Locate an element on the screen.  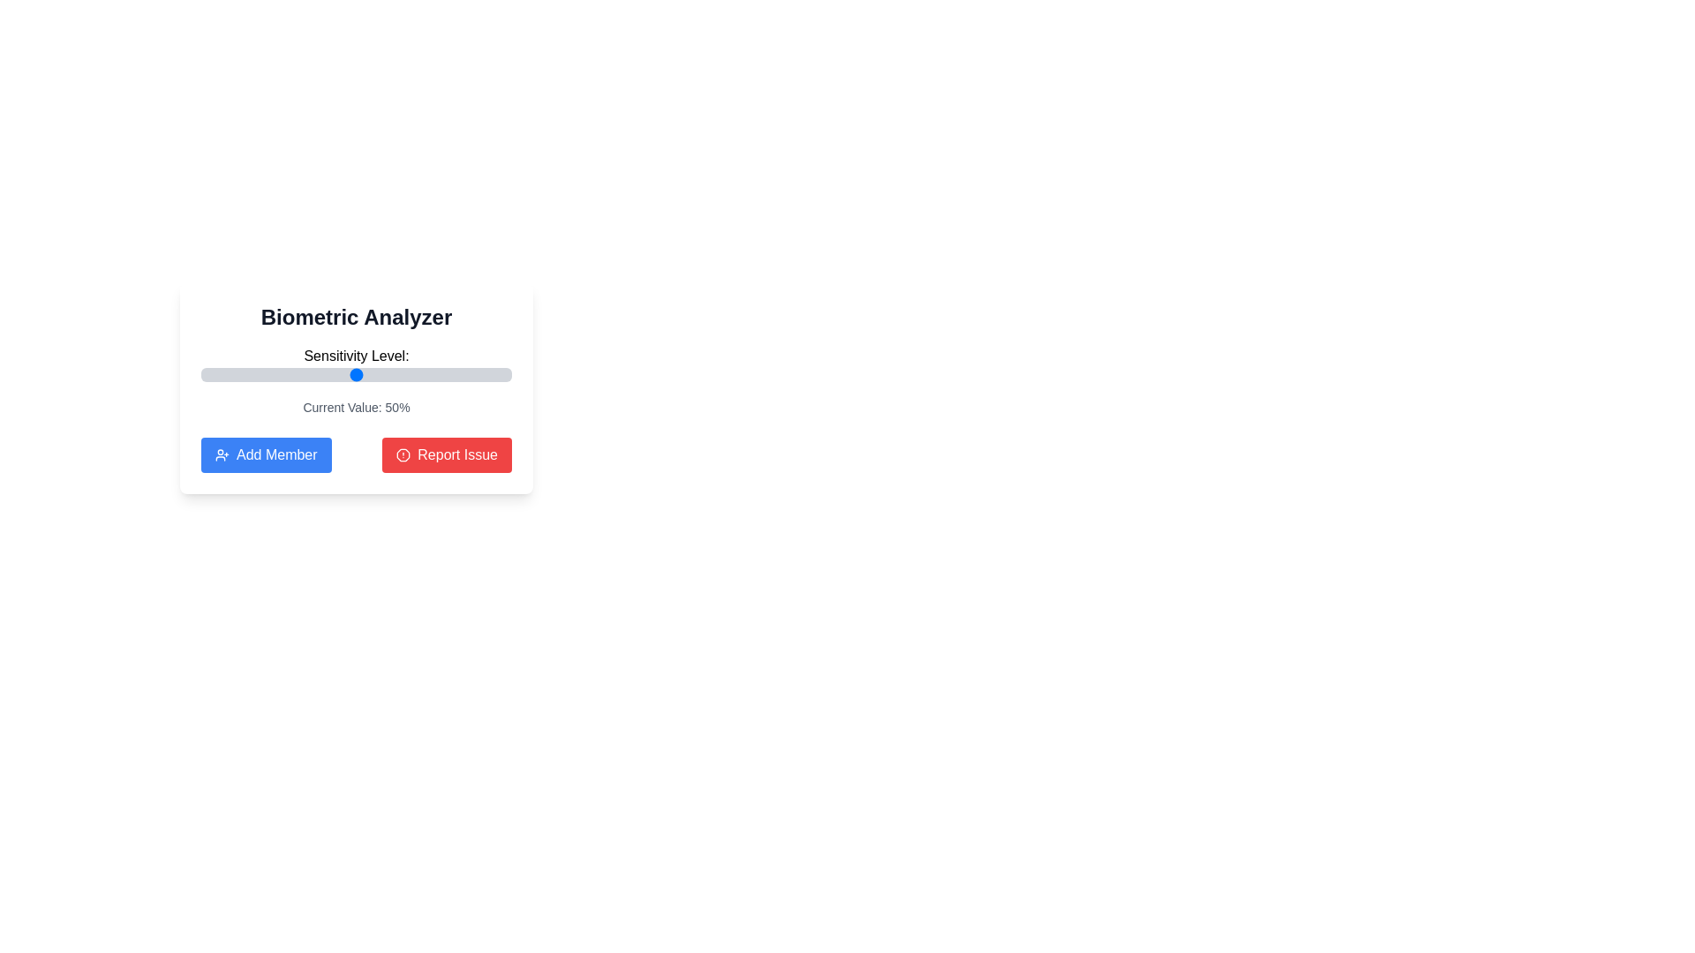
the sensitivity level is located at coordinates (389, 373).